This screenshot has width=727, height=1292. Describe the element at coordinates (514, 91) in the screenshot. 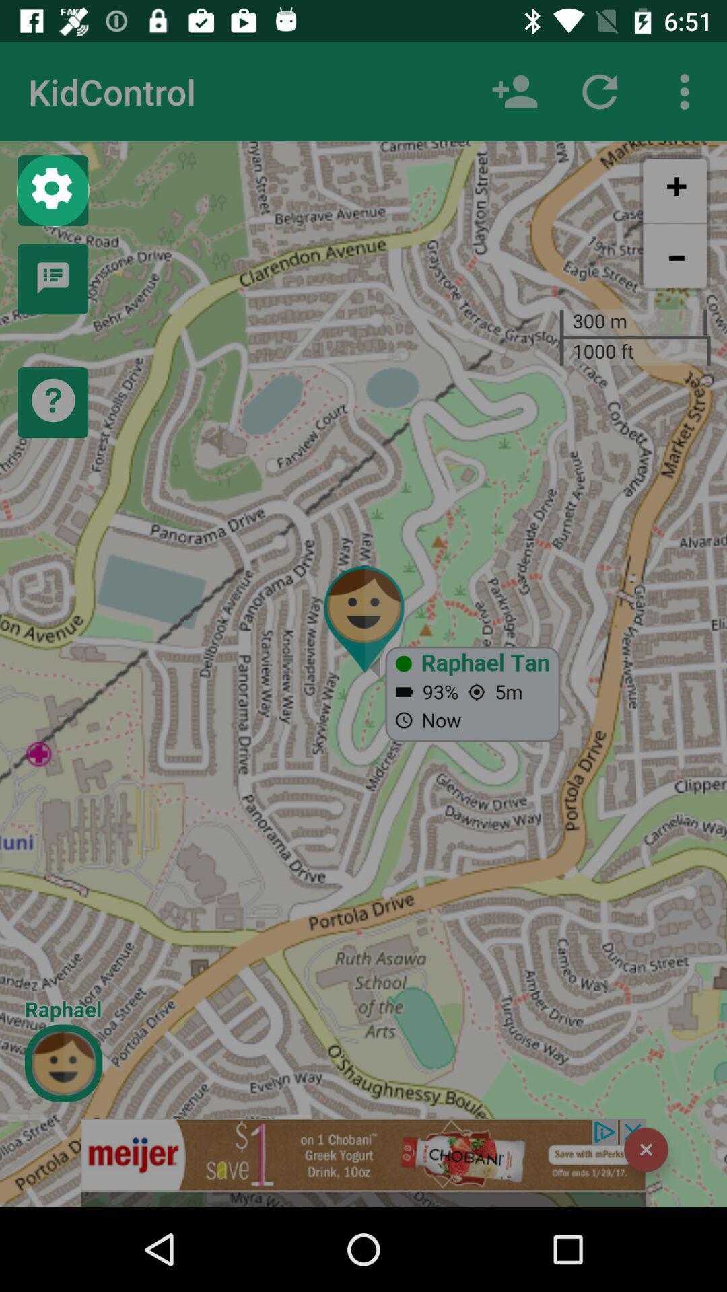

I see `this icon is used to find persons` at that location.